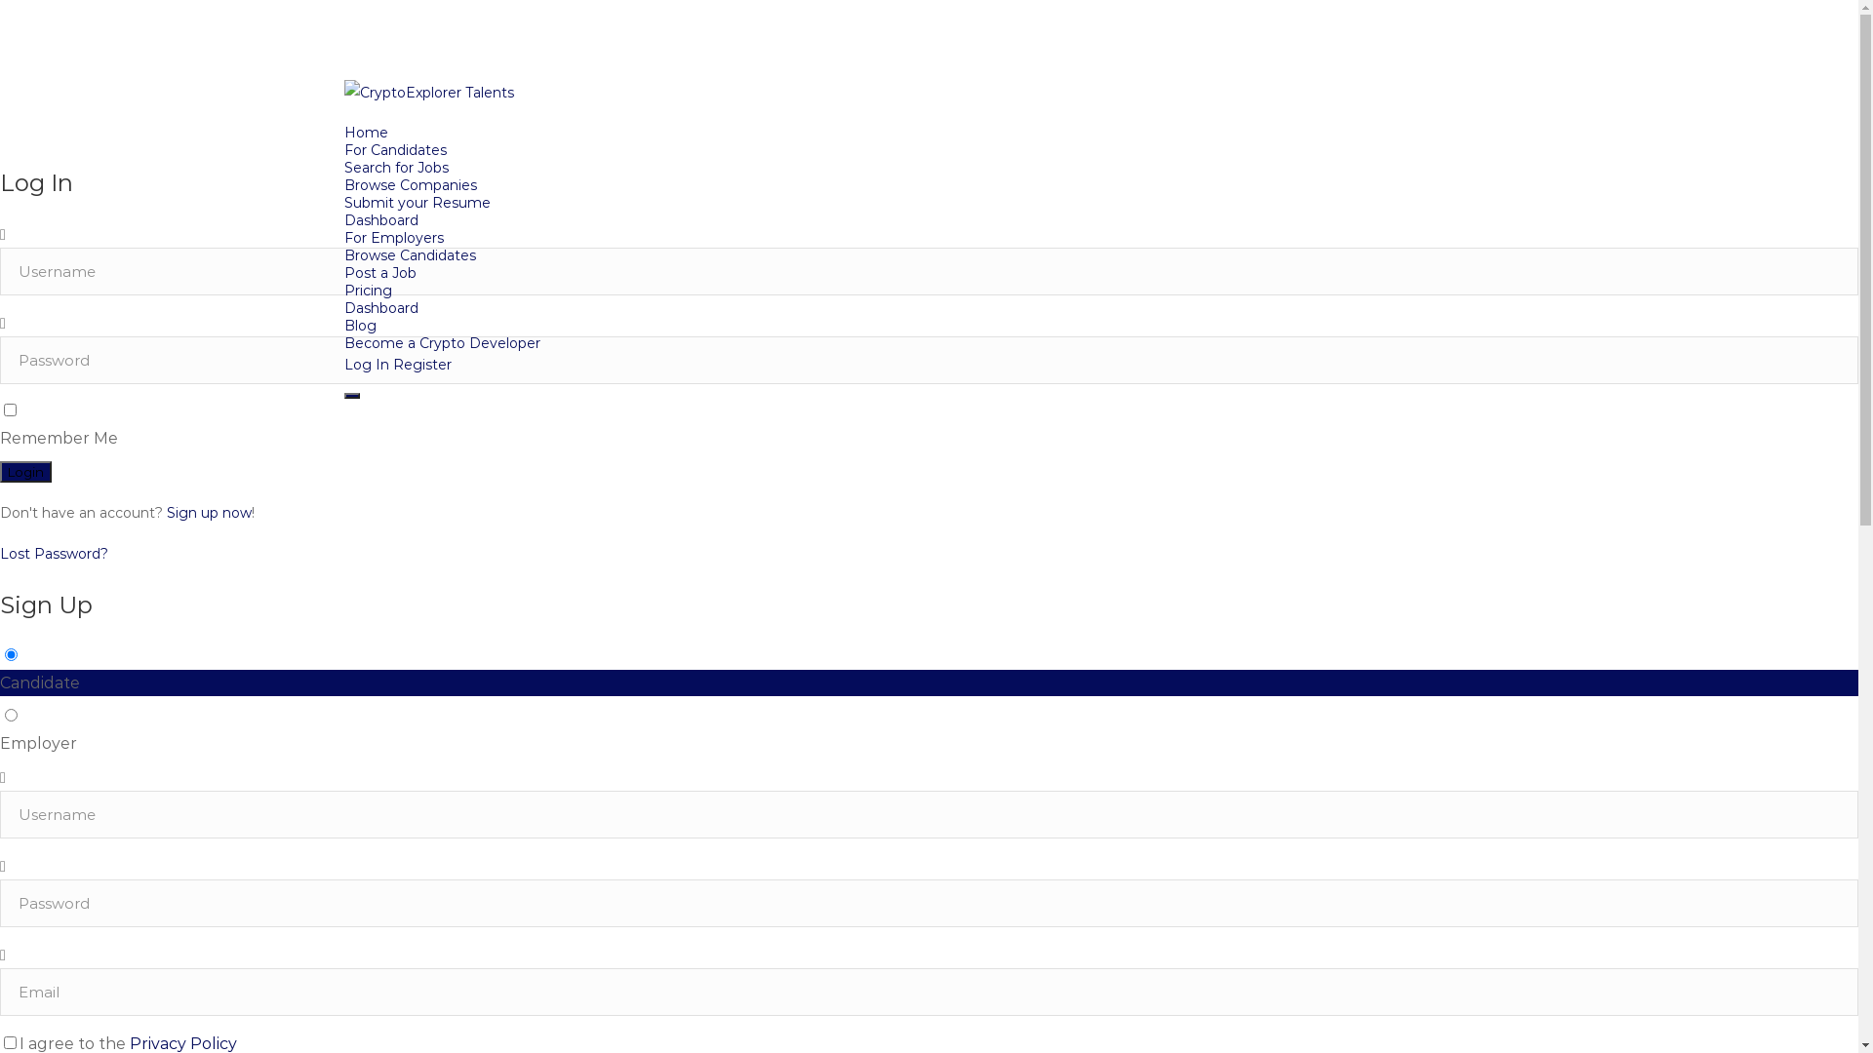 The height and width of the screenshot is (1053, 1873). I want to click on 'Dashboard', so click(379, 219).